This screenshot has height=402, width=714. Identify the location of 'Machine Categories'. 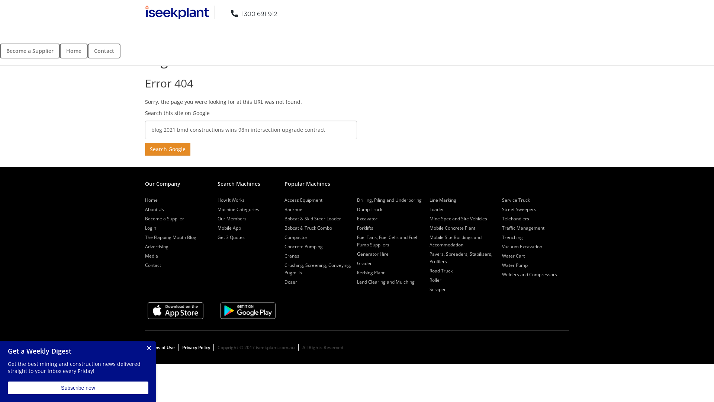
(238, 209).